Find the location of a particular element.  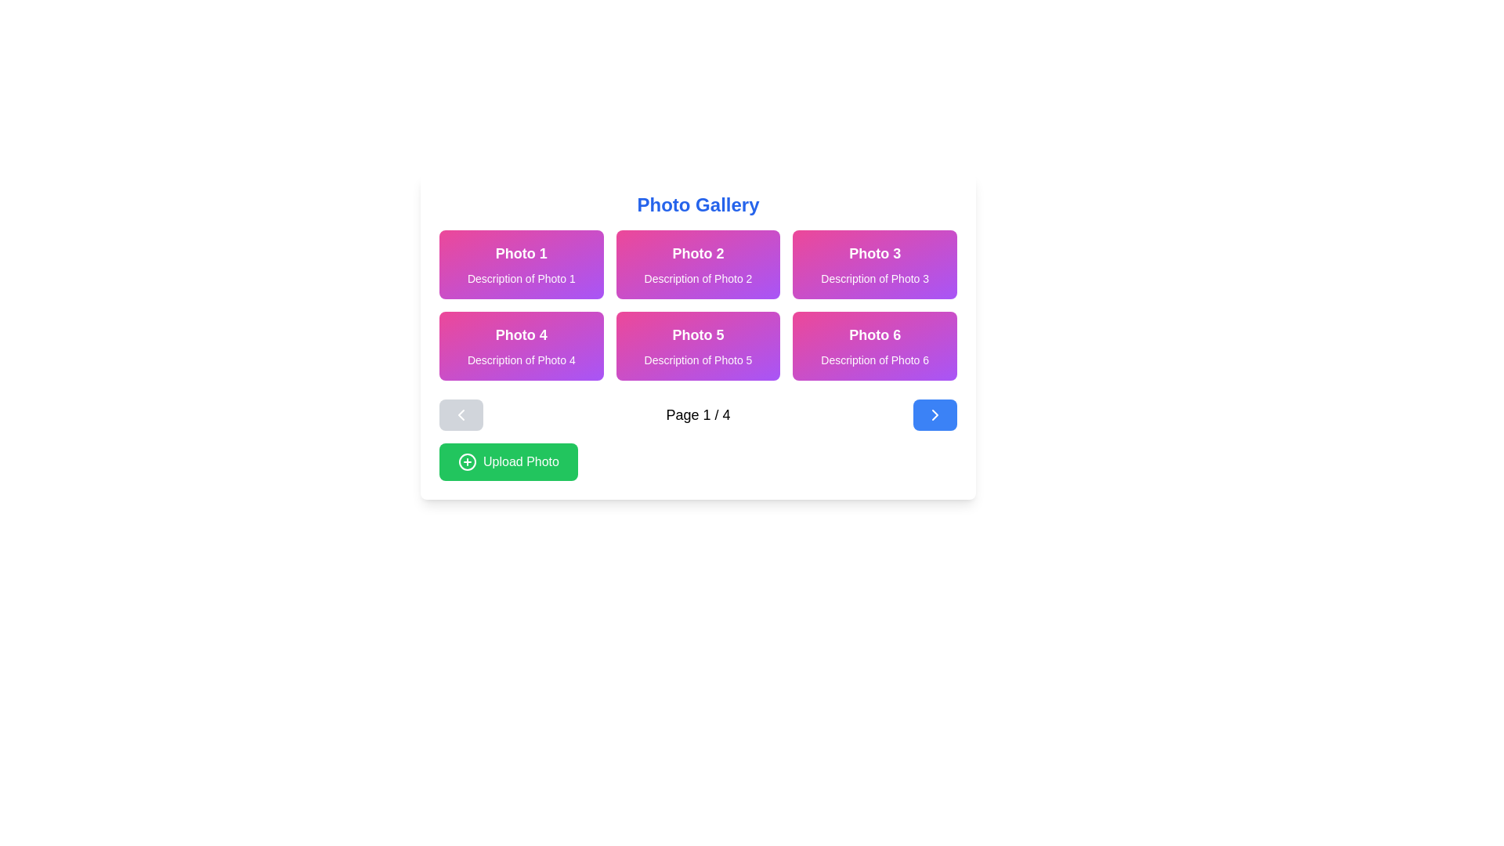

the green camera icon circle element that is part of the viewfinder design on the 'Upload Photo' button located at the bottom-left section of the white card interface is located at coordinates (466, 461).